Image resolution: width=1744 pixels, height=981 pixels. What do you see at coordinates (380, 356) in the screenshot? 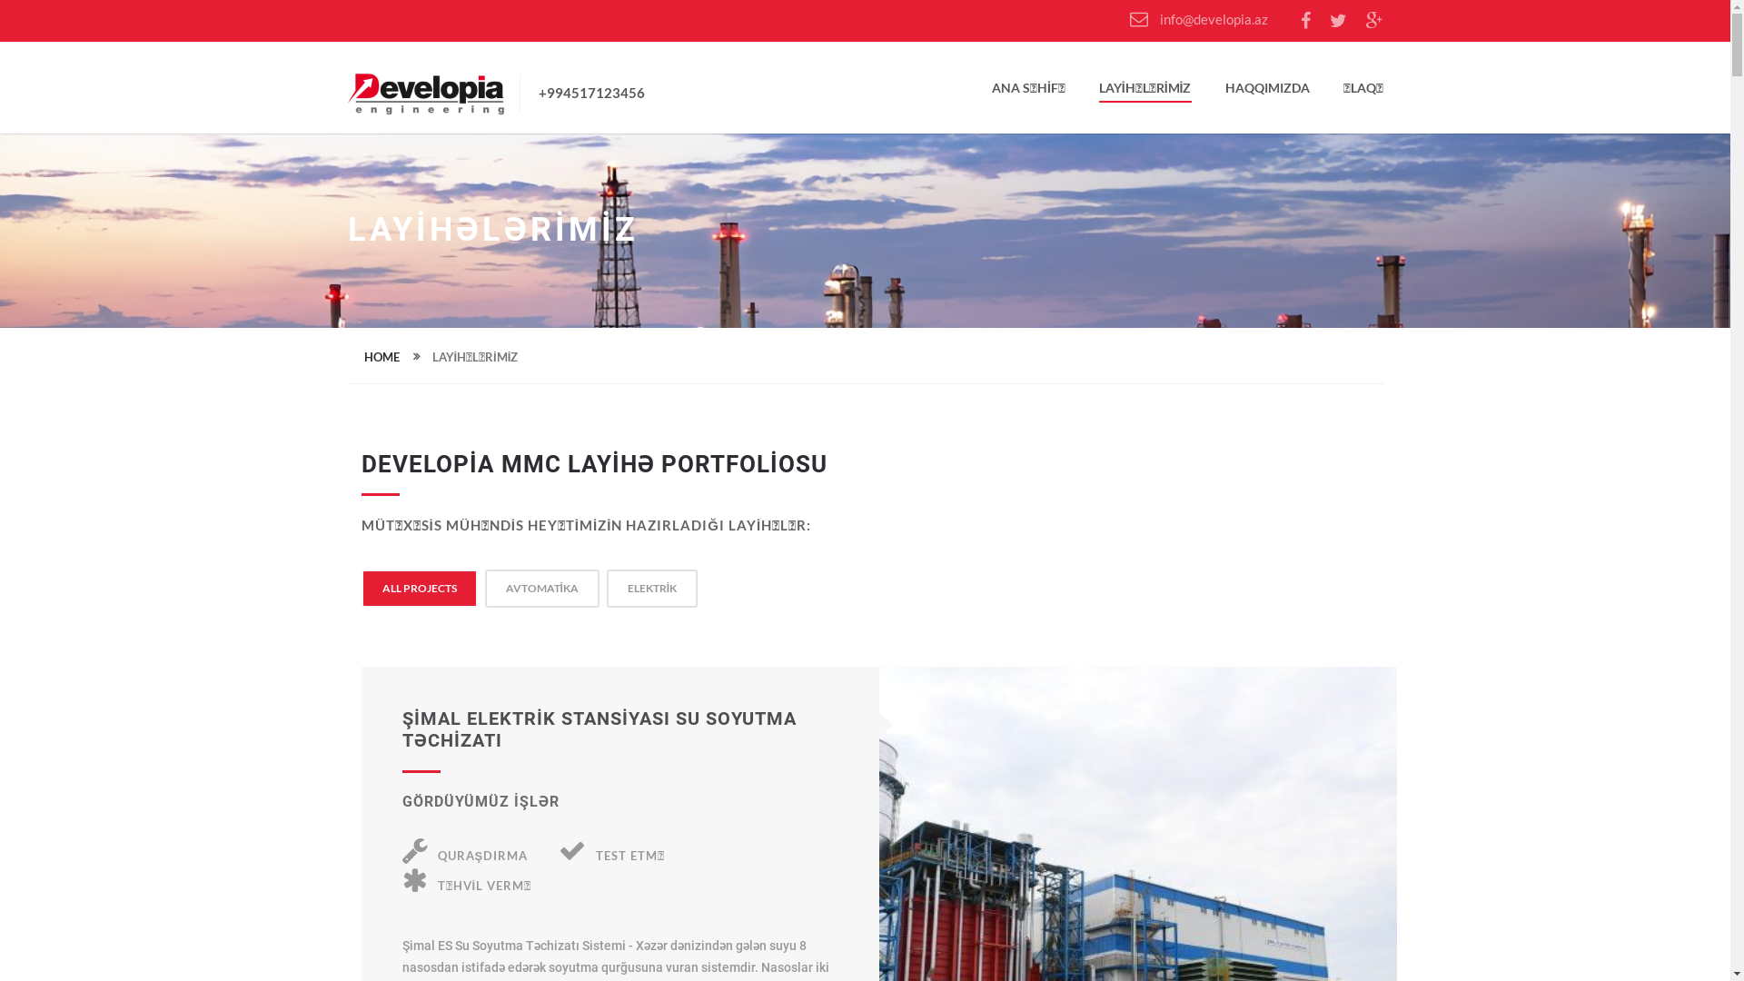
I see `'HOME'` at bounding box center [380, 356].